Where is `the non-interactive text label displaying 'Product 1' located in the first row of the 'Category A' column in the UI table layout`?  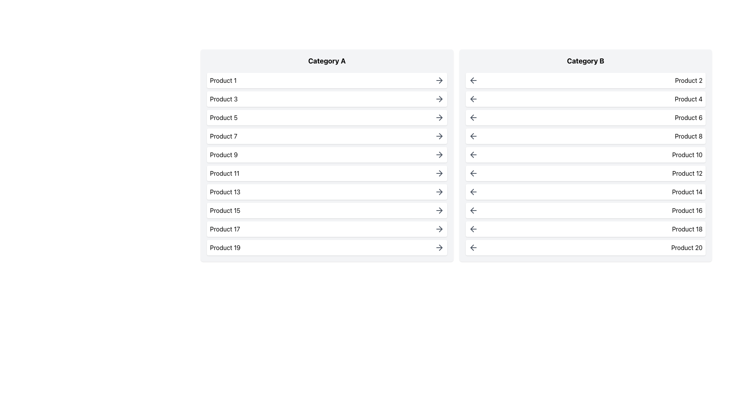
the non-interactive text label displaying 'Product 1' located in the first row of the 'Category A' column in the UI table layout is located at coordinates (223, 81).